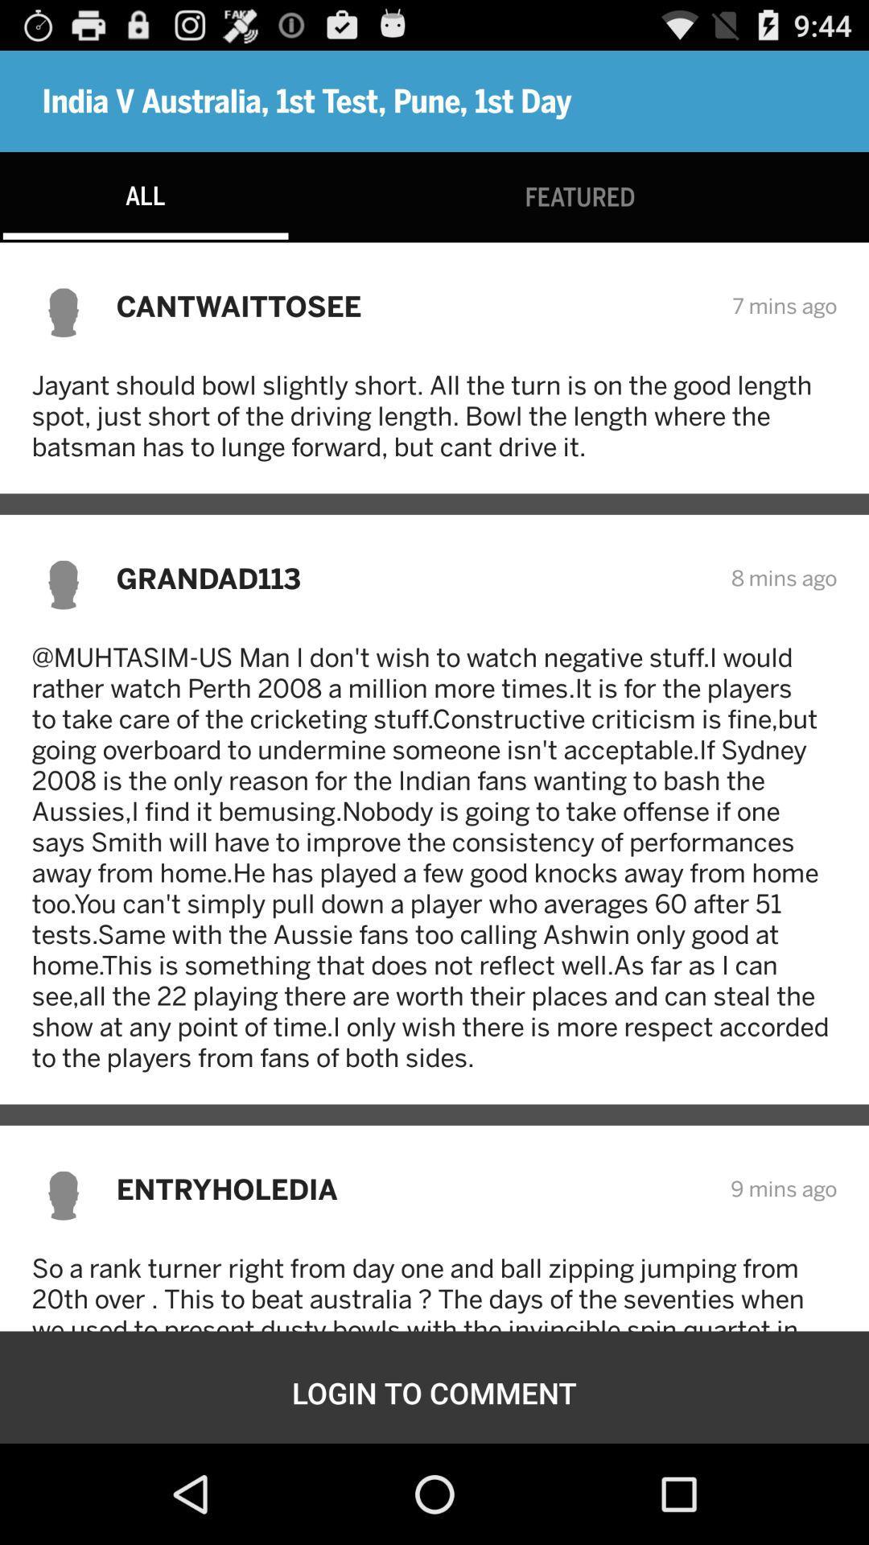 The image size is (869, 1545). Describe the element at coordinates (412, 1189) in the screenshot. I see `icon above so a rank` at that location.